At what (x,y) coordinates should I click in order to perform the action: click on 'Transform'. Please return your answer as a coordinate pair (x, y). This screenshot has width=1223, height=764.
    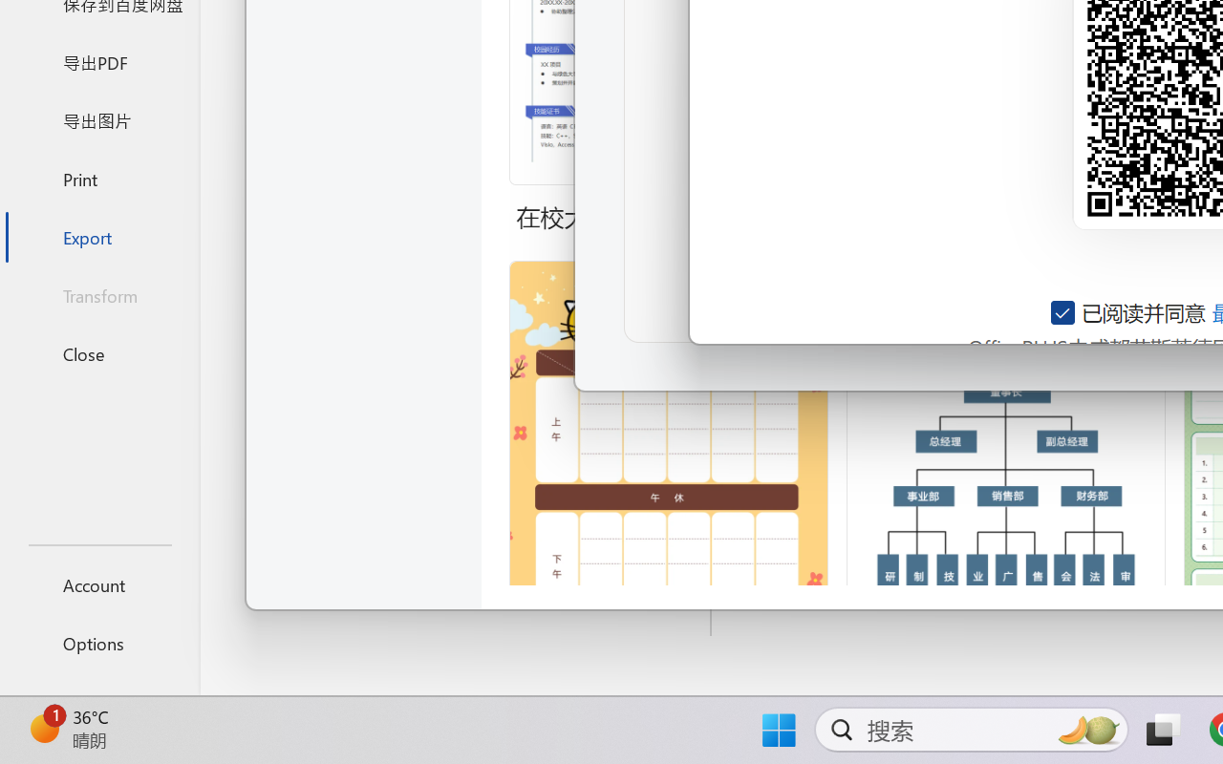
    Looking at the image, I should click on (98, 294).